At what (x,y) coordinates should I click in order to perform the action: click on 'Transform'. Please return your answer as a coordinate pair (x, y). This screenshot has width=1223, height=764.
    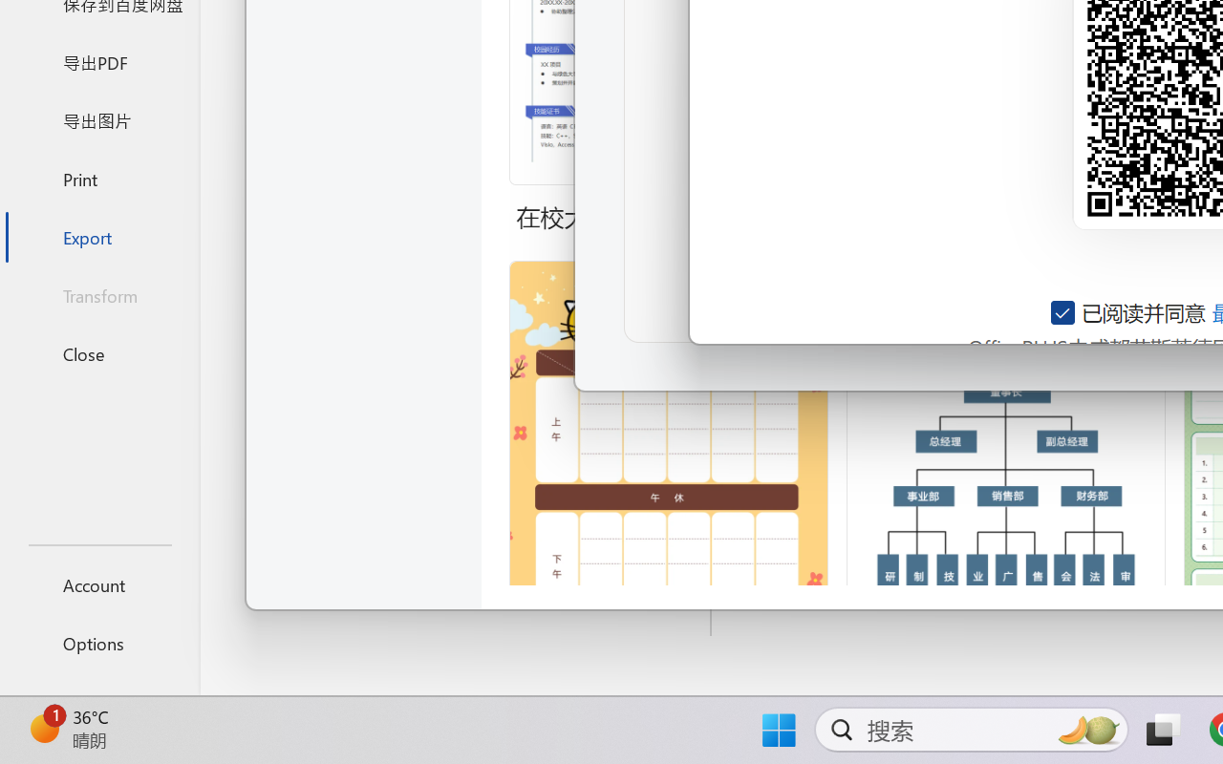
    Looking at the image, I should click on (98, 294).